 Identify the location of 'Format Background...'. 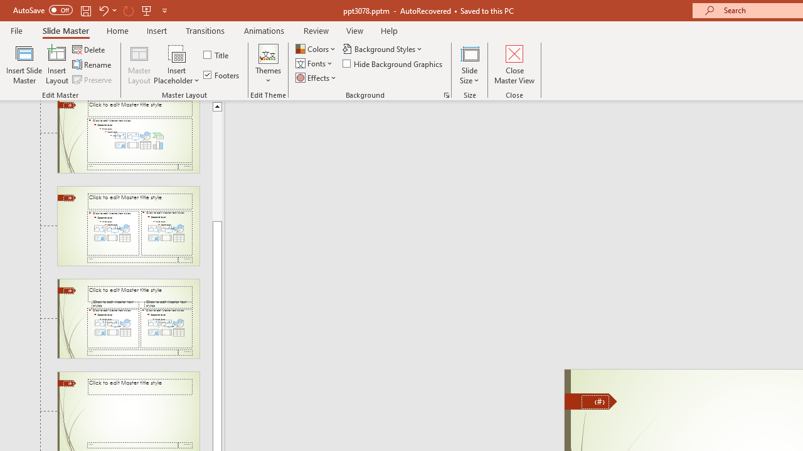
(446, 94).